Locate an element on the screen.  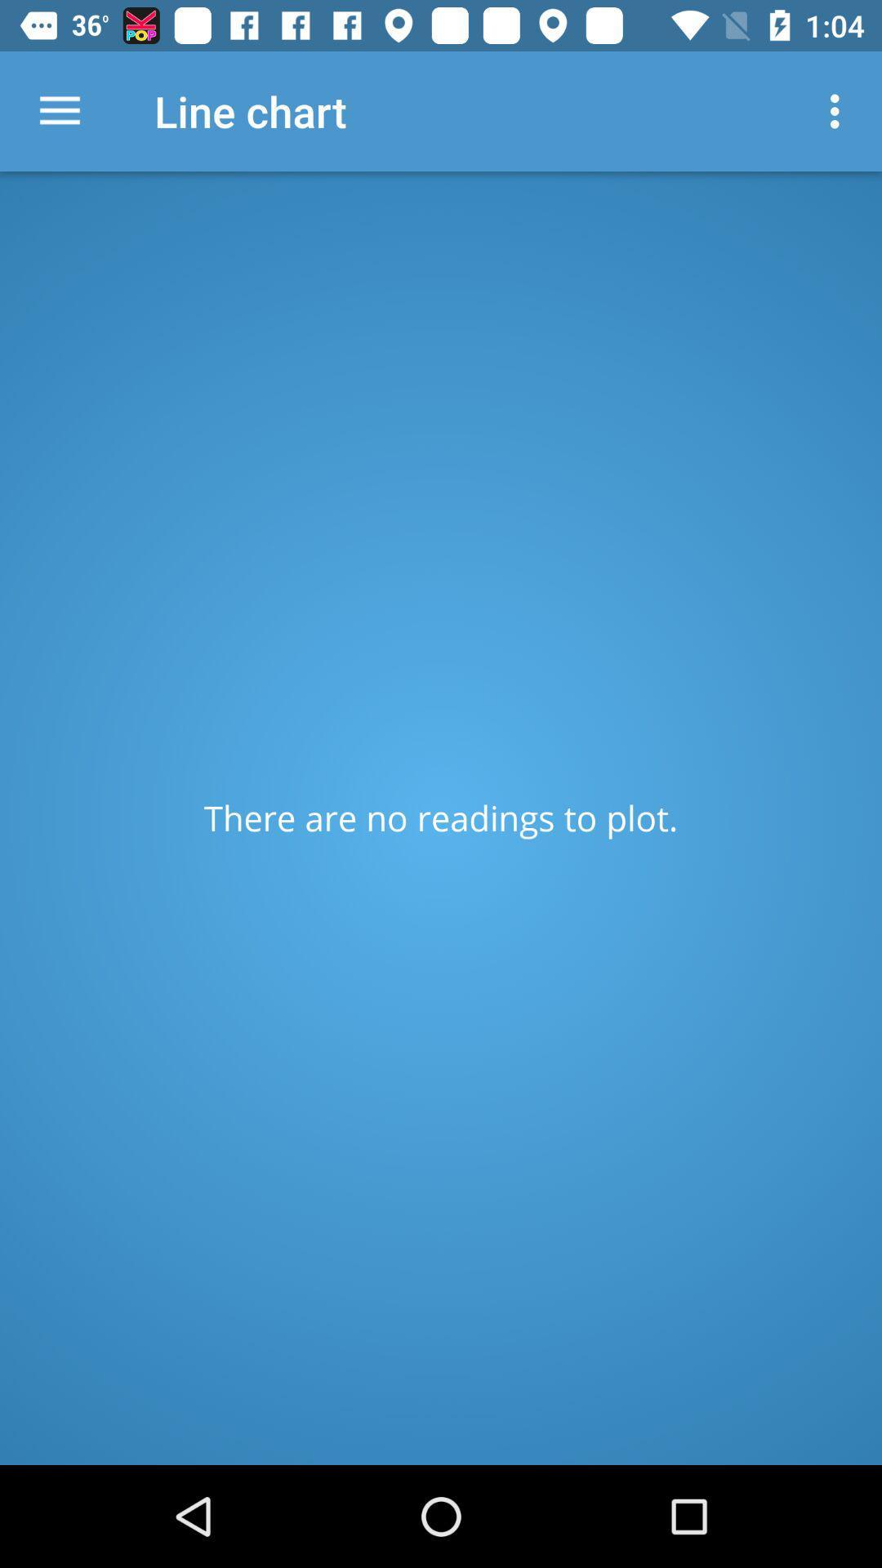
icon to the left of the line chart is located at coordinates (59, 110).